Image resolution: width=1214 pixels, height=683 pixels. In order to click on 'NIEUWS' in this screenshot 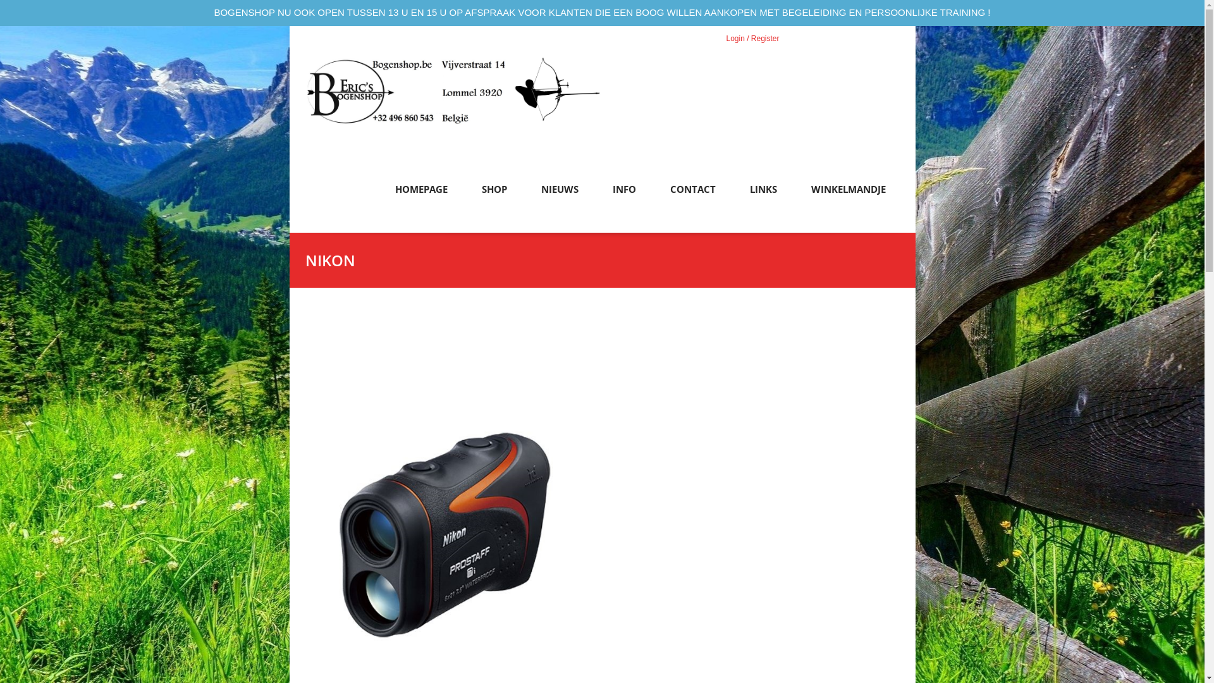, I will do `click(559, 195)`.